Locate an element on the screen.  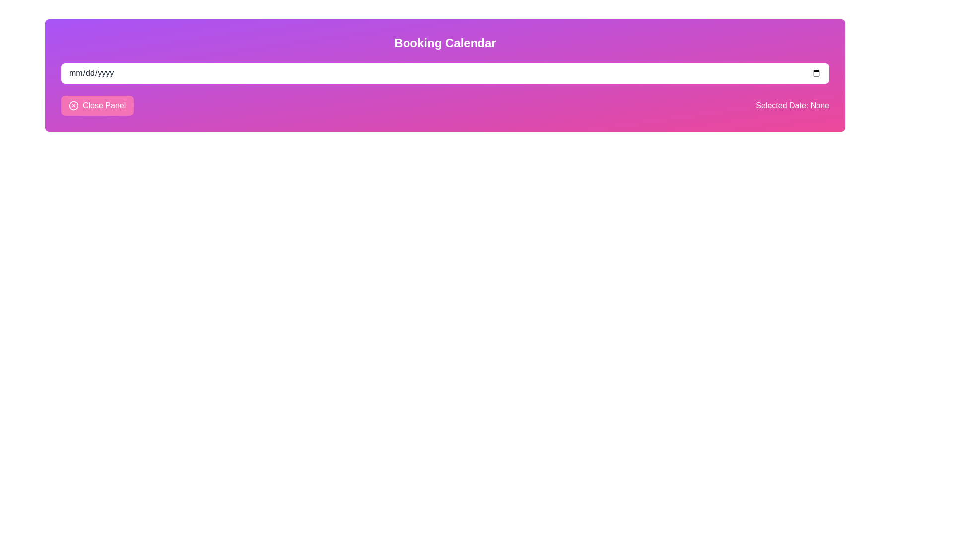
the circular SVG element that is part of the 'Close Panel' button located at the bottom-left corner of the interface is located at coordinates (73, 105).